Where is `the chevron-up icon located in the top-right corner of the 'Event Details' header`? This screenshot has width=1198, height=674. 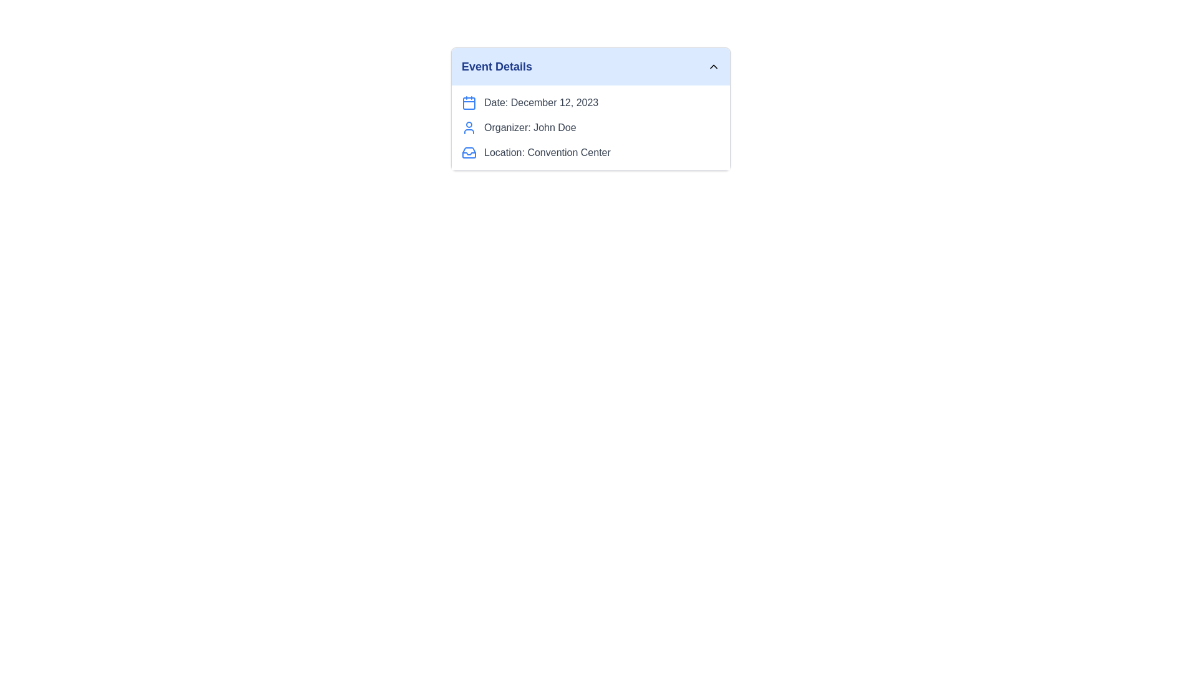
the chevron-up icon located in the top-right corner of the 'Event Details' header is located at coordinates (713, 67).